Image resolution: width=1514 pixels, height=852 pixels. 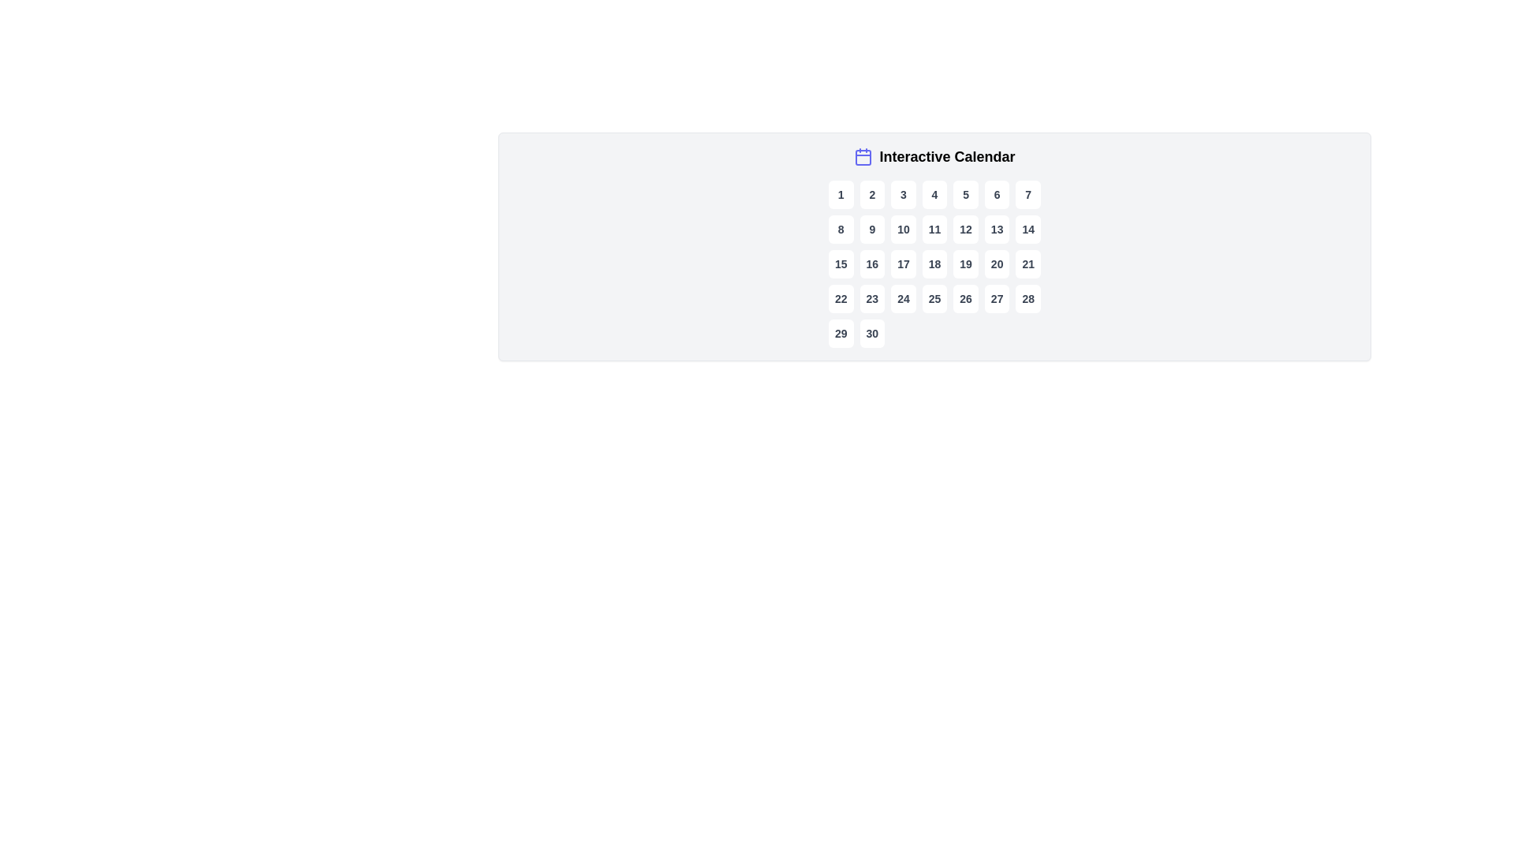 I want to click on the rounded rectangular button labeled '11' located in the second row and fourth column of the calendar grid, so click(x=934, y=229).